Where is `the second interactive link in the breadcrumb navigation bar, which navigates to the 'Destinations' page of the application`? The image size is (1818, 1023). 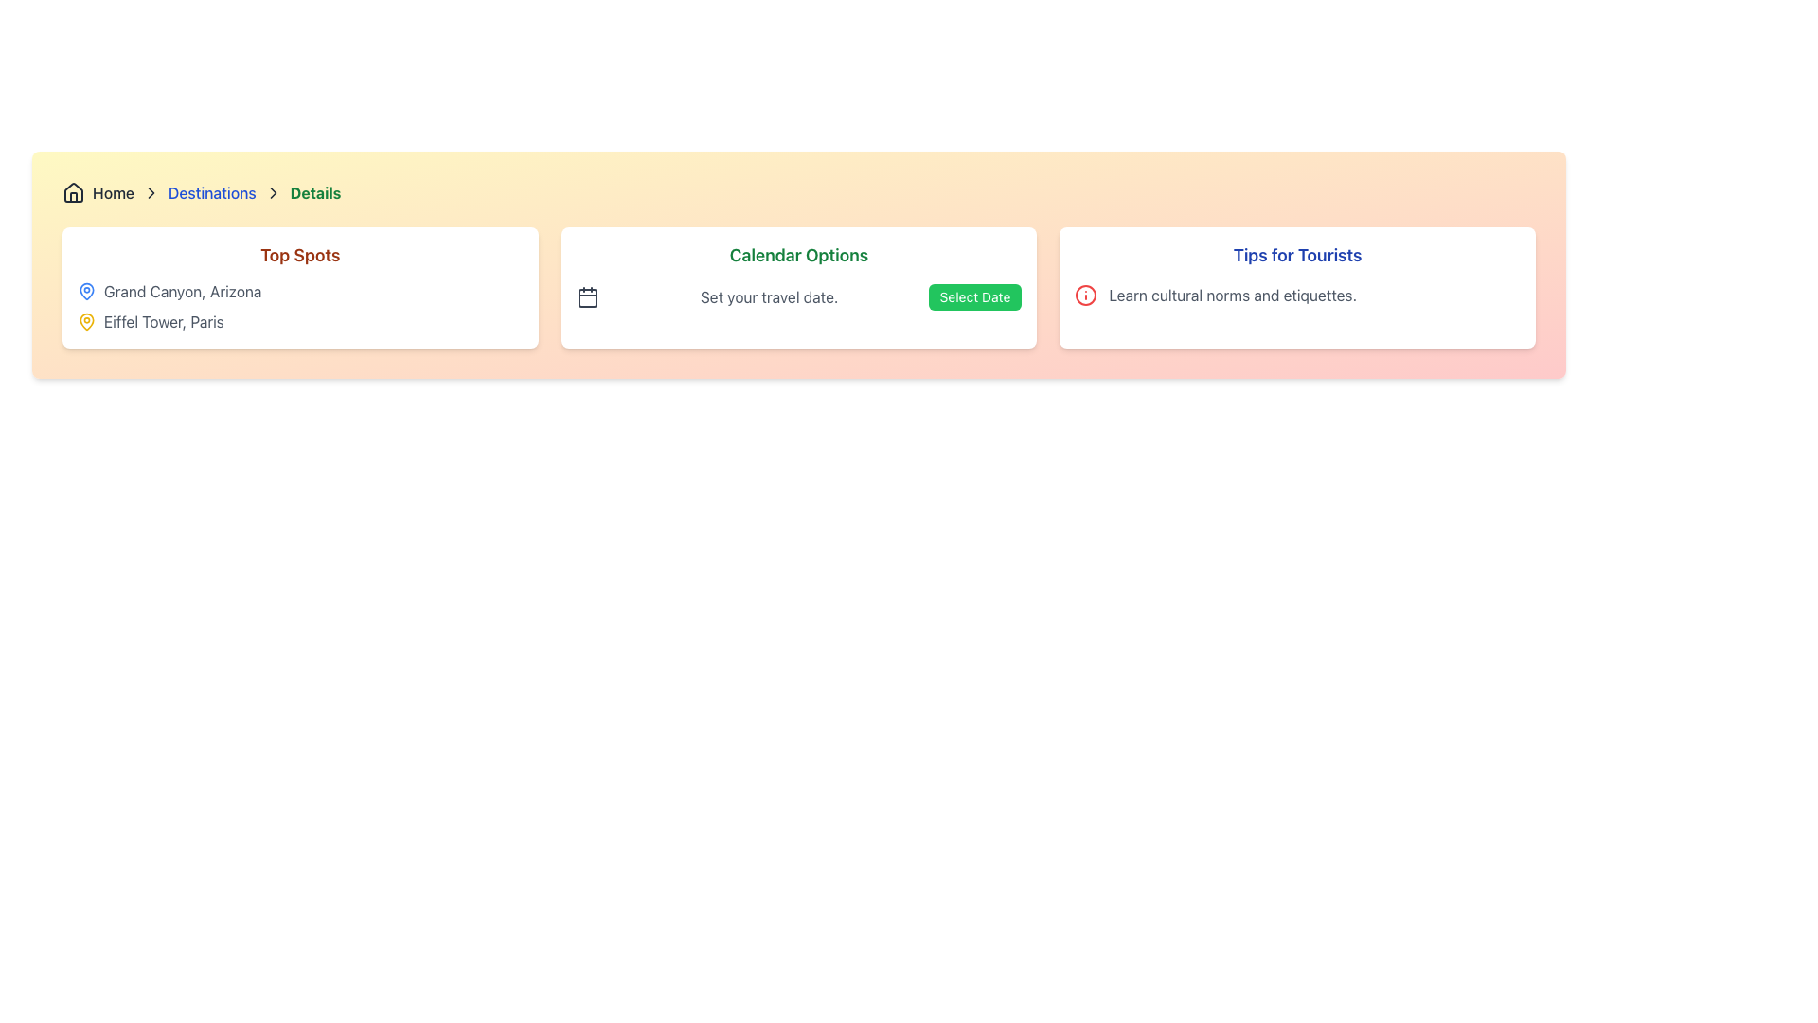
the second interactive link in the breadcrumb navigation bar, which navigates to the 'Destinations' page of the application is located at coordinates (212, 193).